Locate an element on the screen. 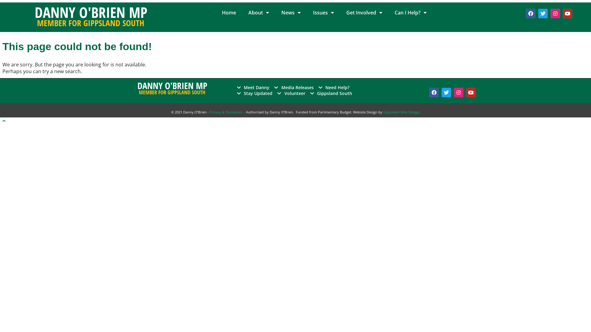  'News' is located at coordinates (291, 13).